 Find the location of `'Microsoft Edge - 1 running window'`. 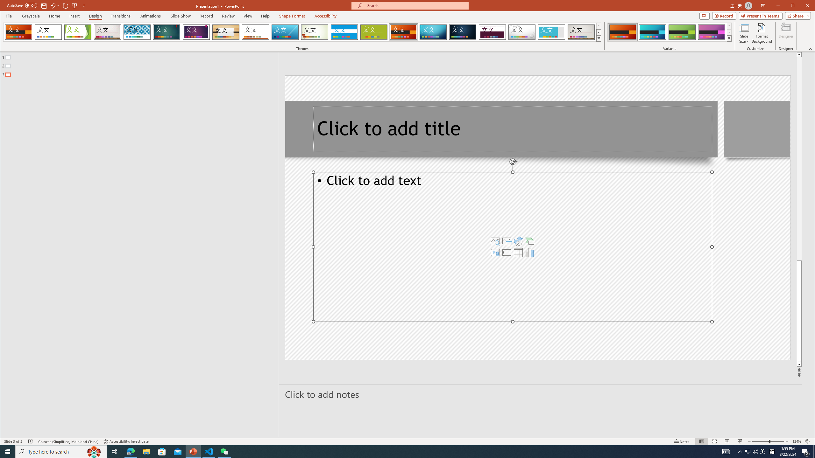

'Microsoft Edge - 1 running window' is located at coordinates (130, 451).